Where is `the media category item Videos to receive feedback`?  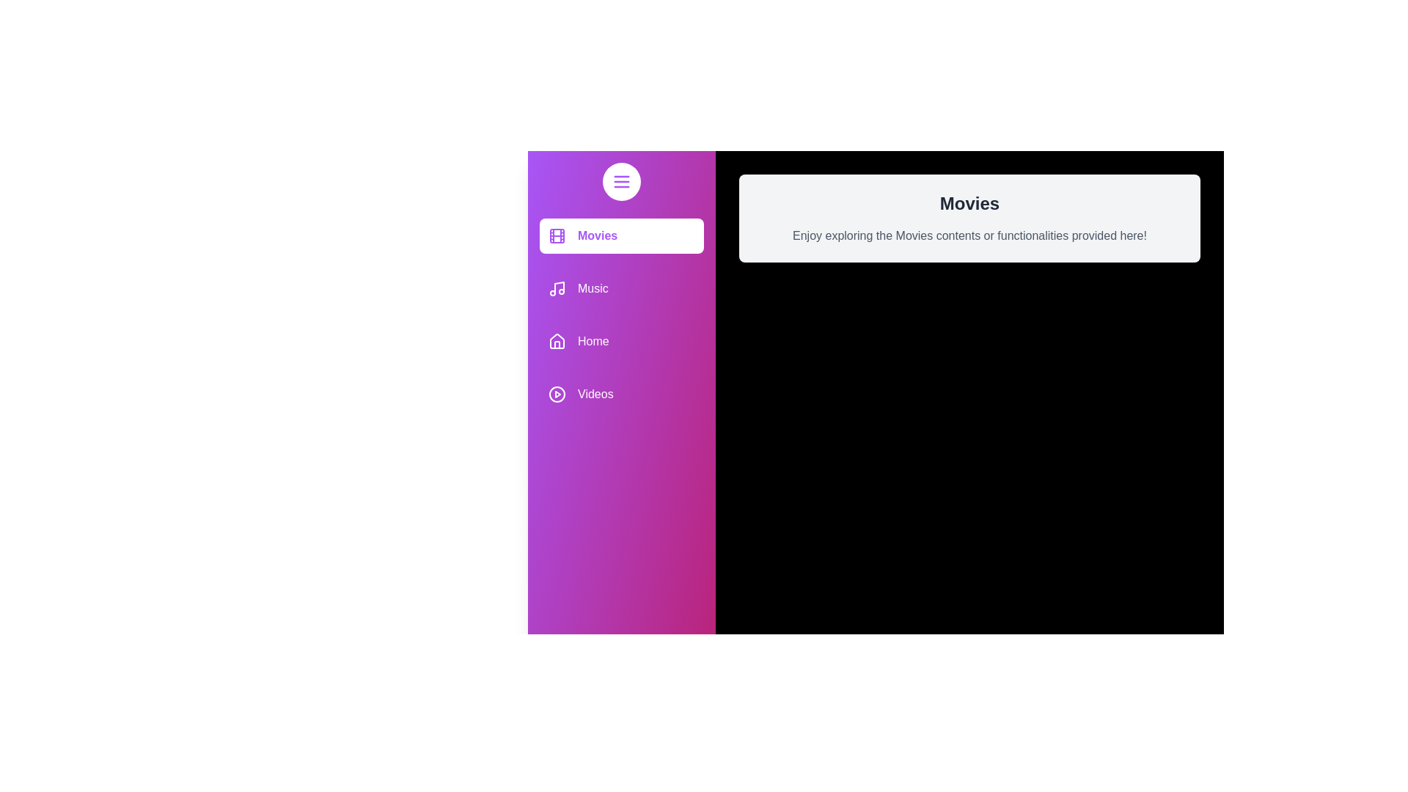 the media category item Videos to receive feedback is located at coordinates (622, 393).